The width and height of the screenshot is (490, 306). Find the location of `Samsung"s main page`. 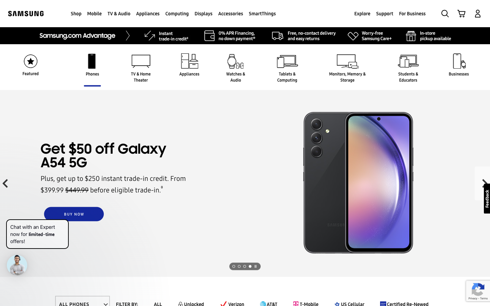

Samsung"s main page is located at coordinates (26, 13).